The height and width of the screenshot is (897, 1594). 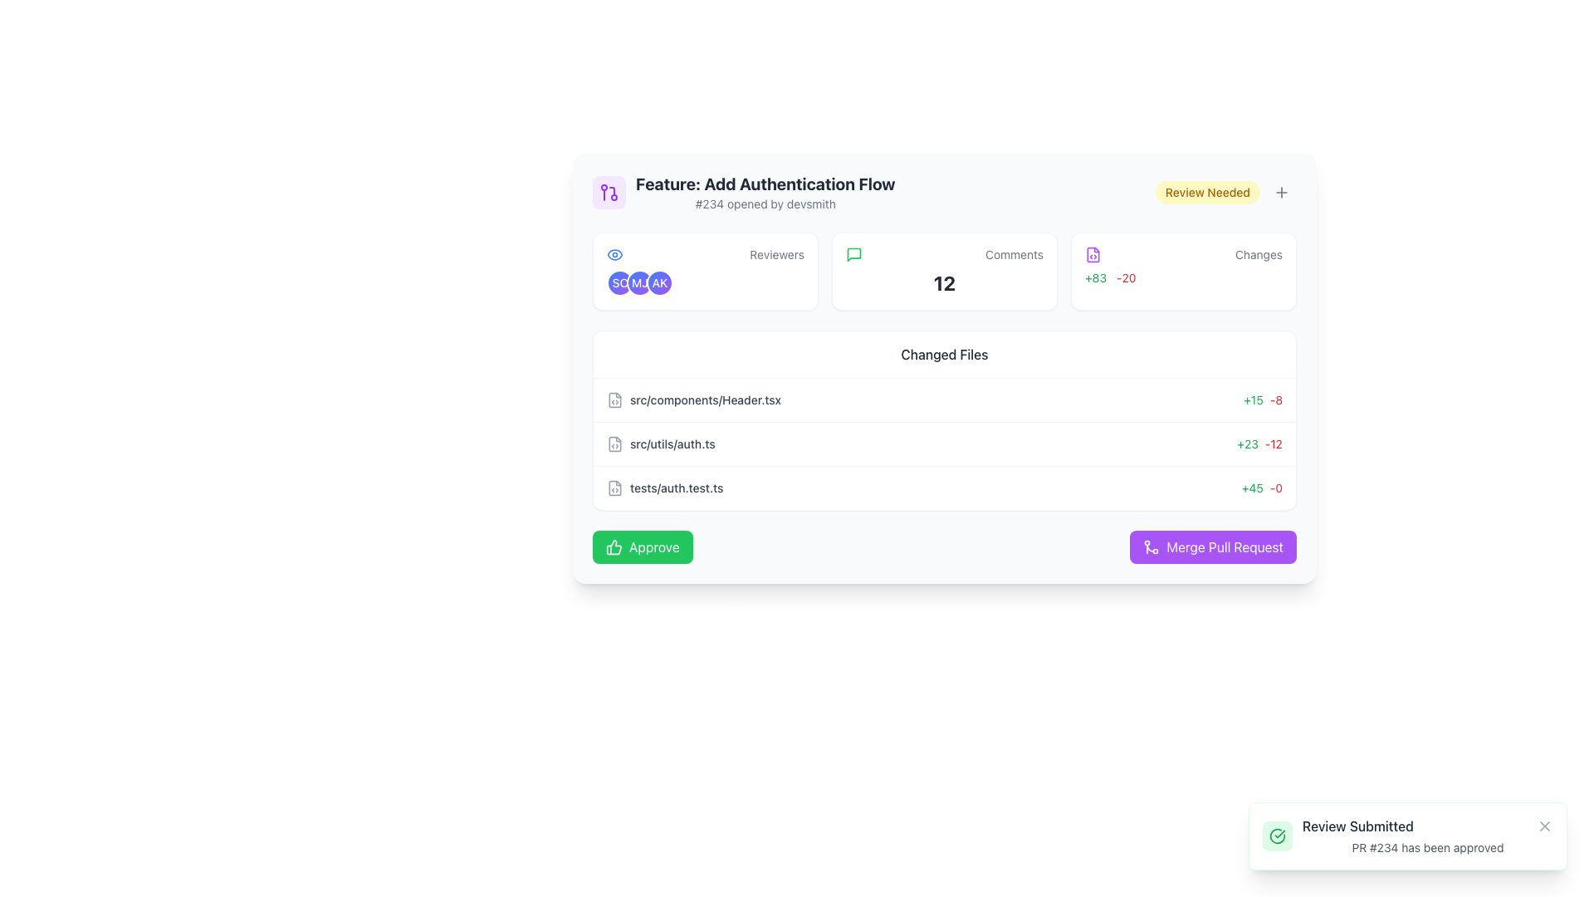 What do you see at coordinates (1248, 444) in the screenshot?
I see `the text element displaying the positive numerical value '+23' in the 'Changes' column of the 'Changed Files' section` at bounding box center [1248, 444].